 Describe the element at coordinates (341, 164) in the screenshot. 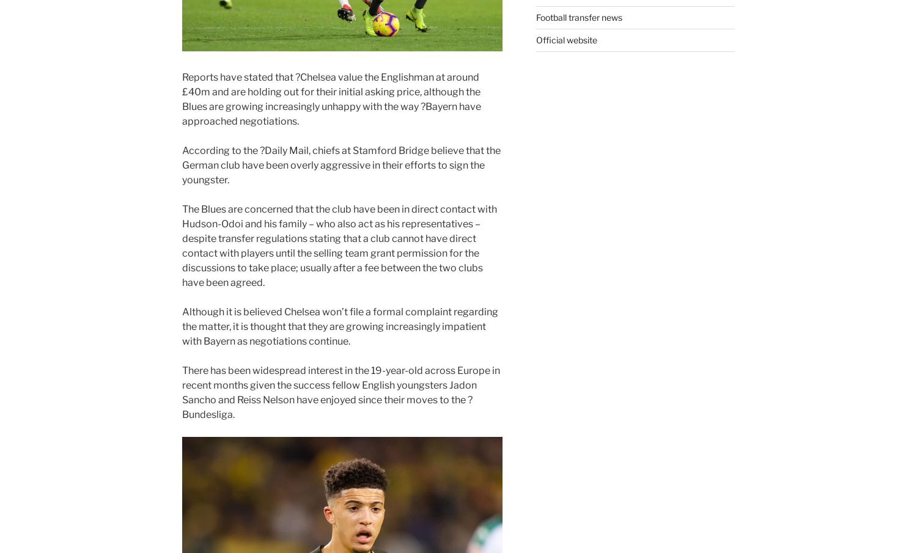

I see `', chiefs at Stamford Bridge believe that the German club have been overly aggressive in their efforts to sign the youngster.'` at that location.